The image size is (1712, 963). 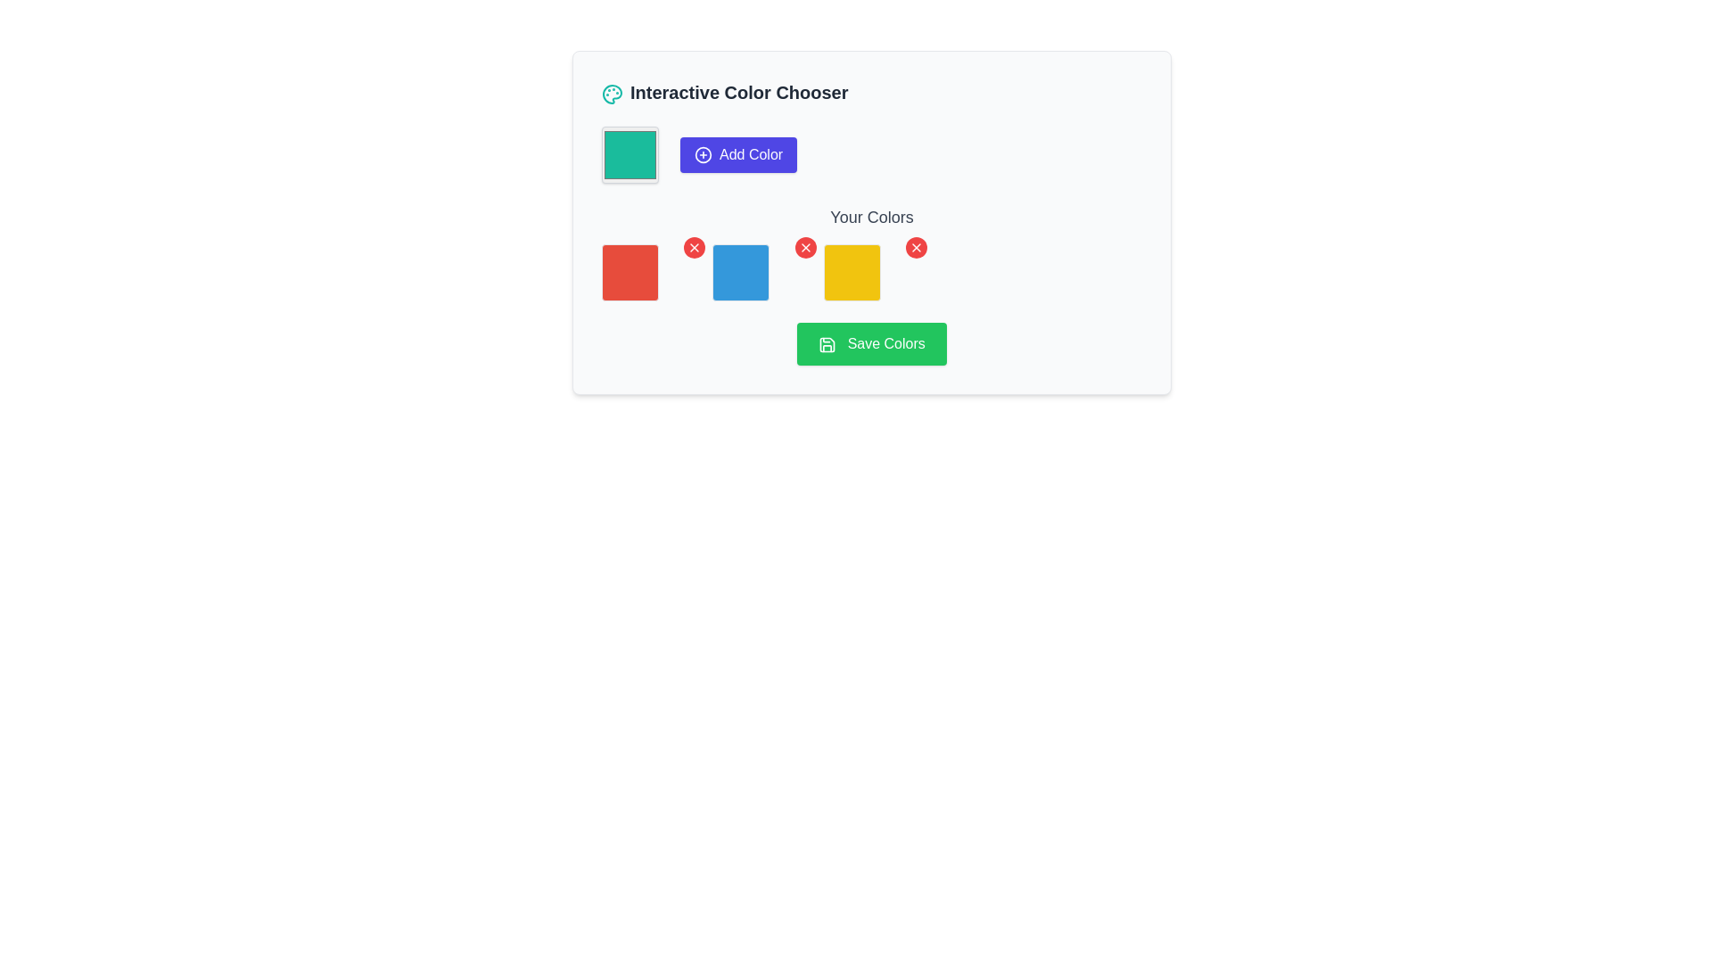 What do you see at coordinates (630, 153) in the screenshot?
I see `the Color Picker element located on the leftmost side of the row layout` at bounding box center [630, 153].